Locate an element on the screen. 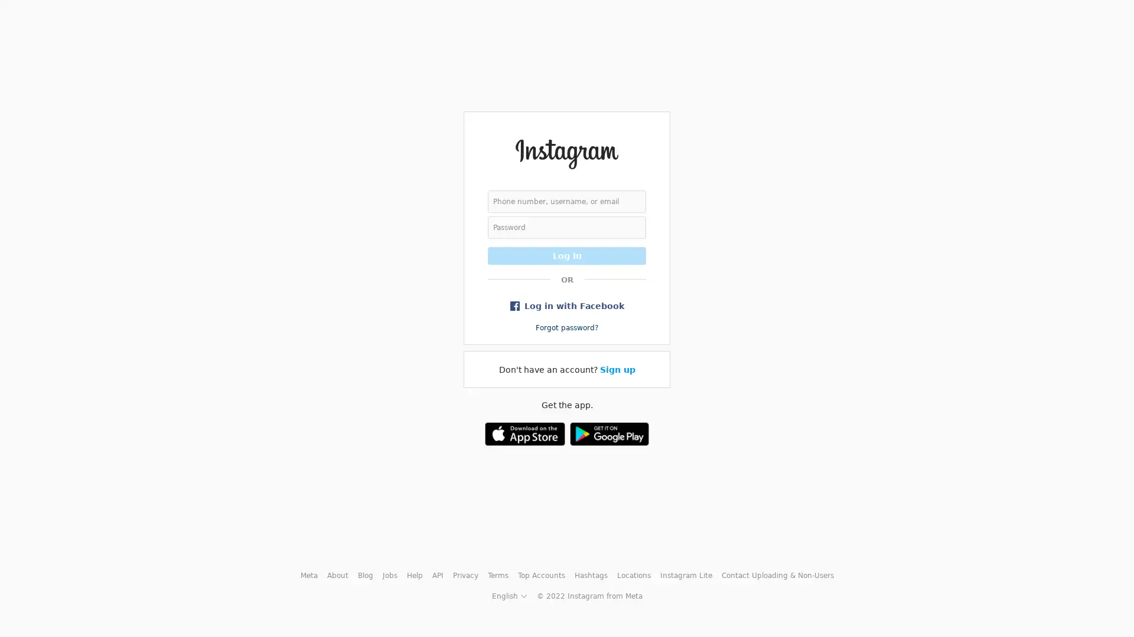 The height and width of the screenshot is (637, 1134). Instagram is located at coordinates (566, 153).